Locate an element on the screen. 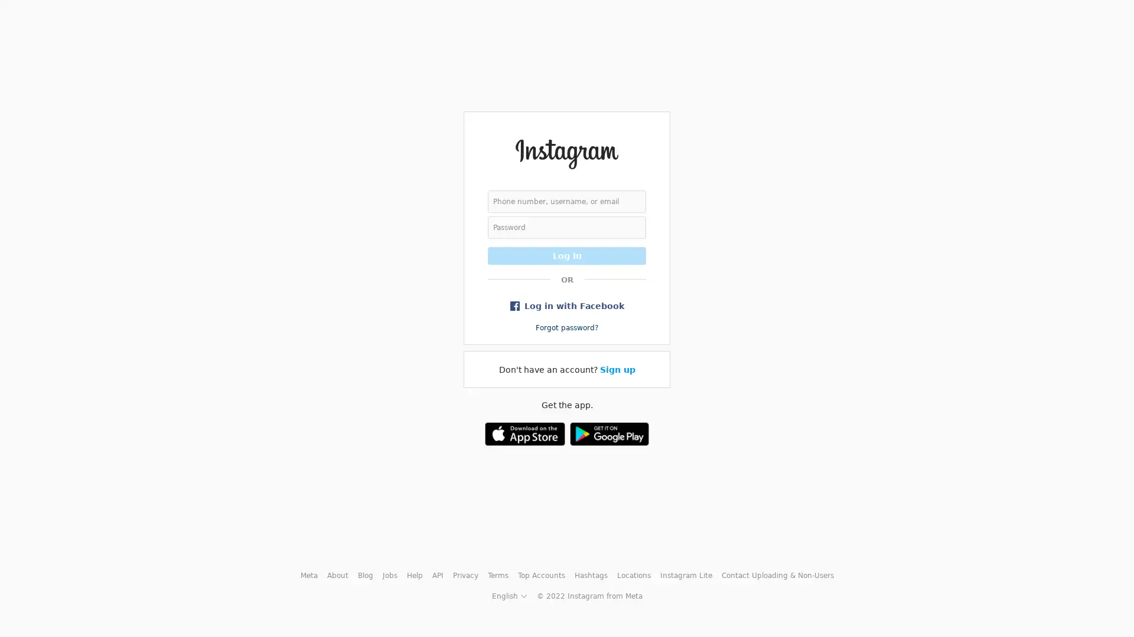 The height and width of the screenshot is (637, 1134). Instagram is located at coordinates (566, 153).